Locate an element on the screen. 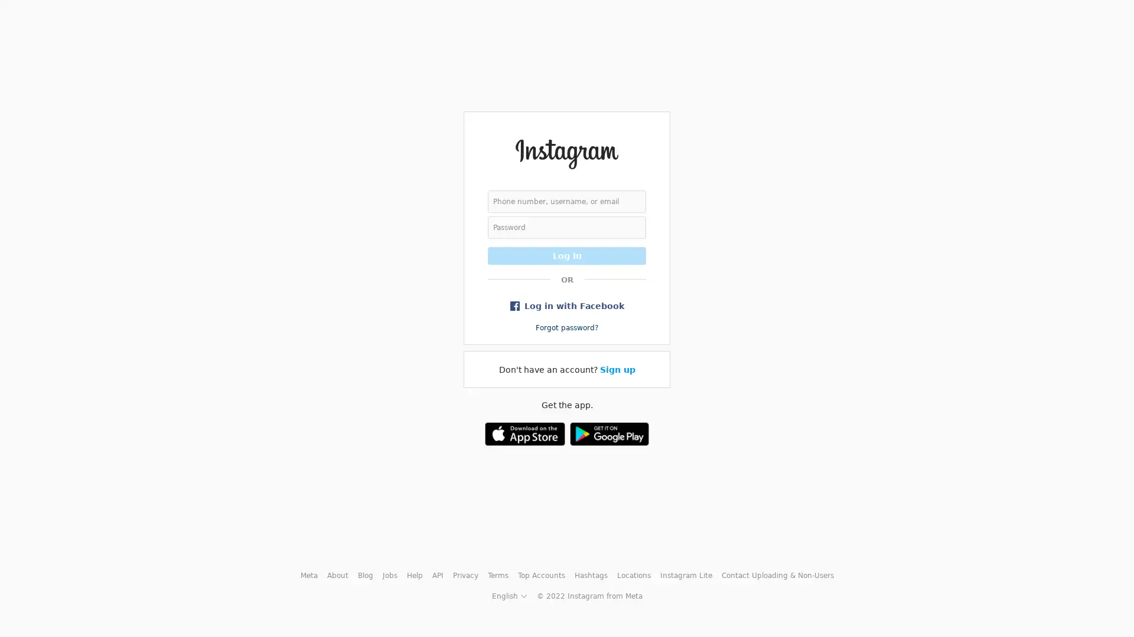 The height and width of the screenshot is (637, 1134). Instagram is located at coordinates (566, 153).